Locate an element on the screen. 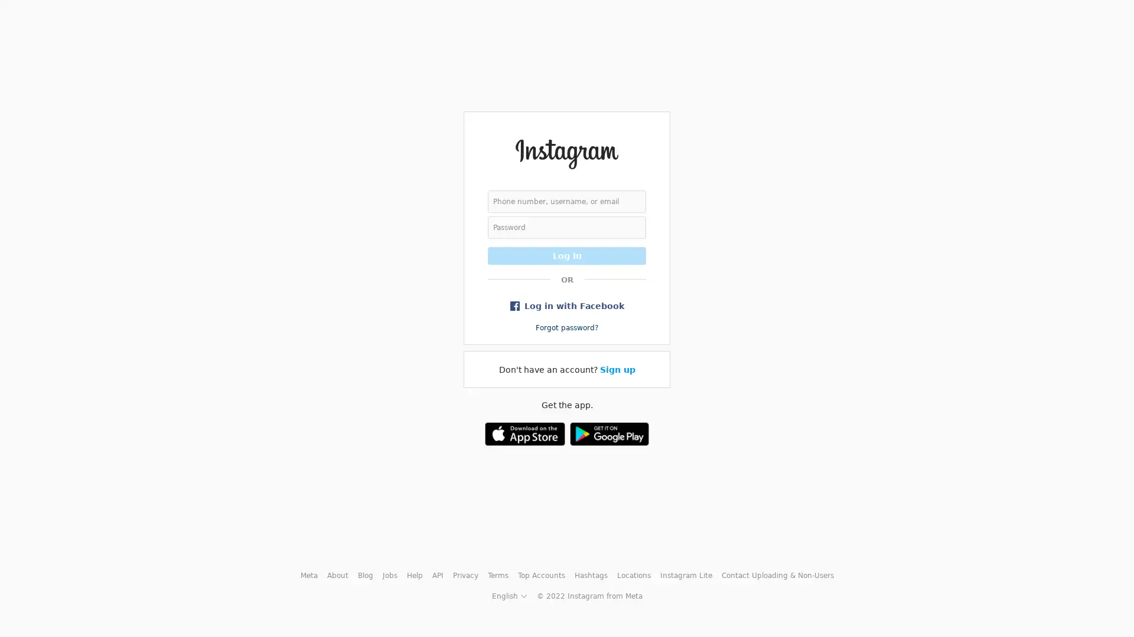 The height and width of the screenshot is (637, 1134). Instagram is located at coordinates (566, 153).